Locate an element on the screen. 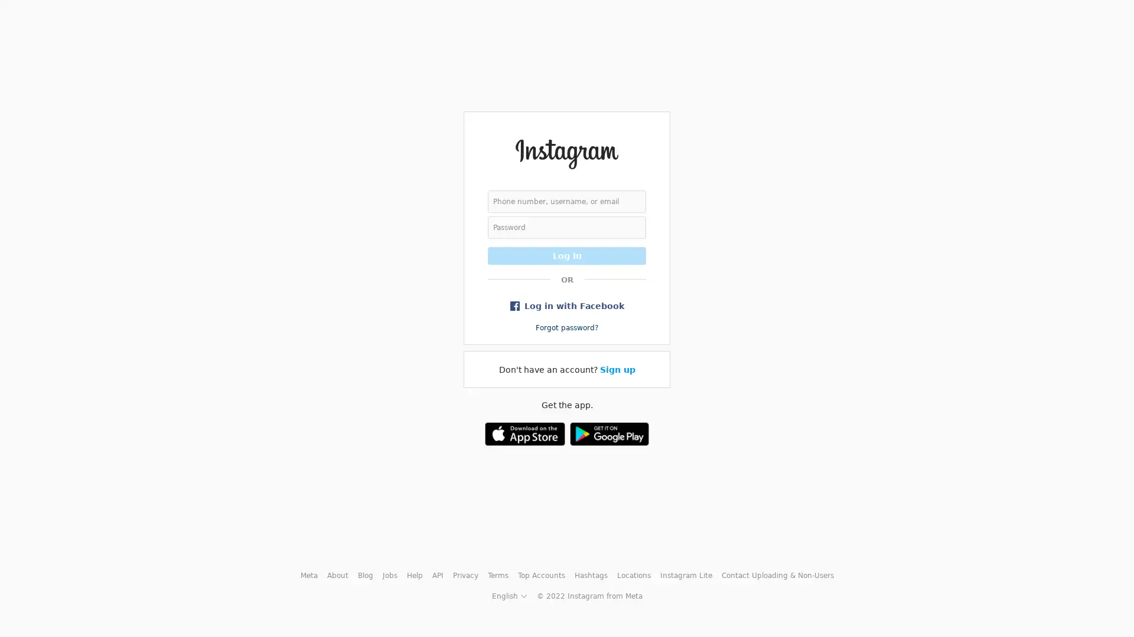 The height and width of the screenshot is (637, 1134). Instagram is located at coordinates (566, 153).